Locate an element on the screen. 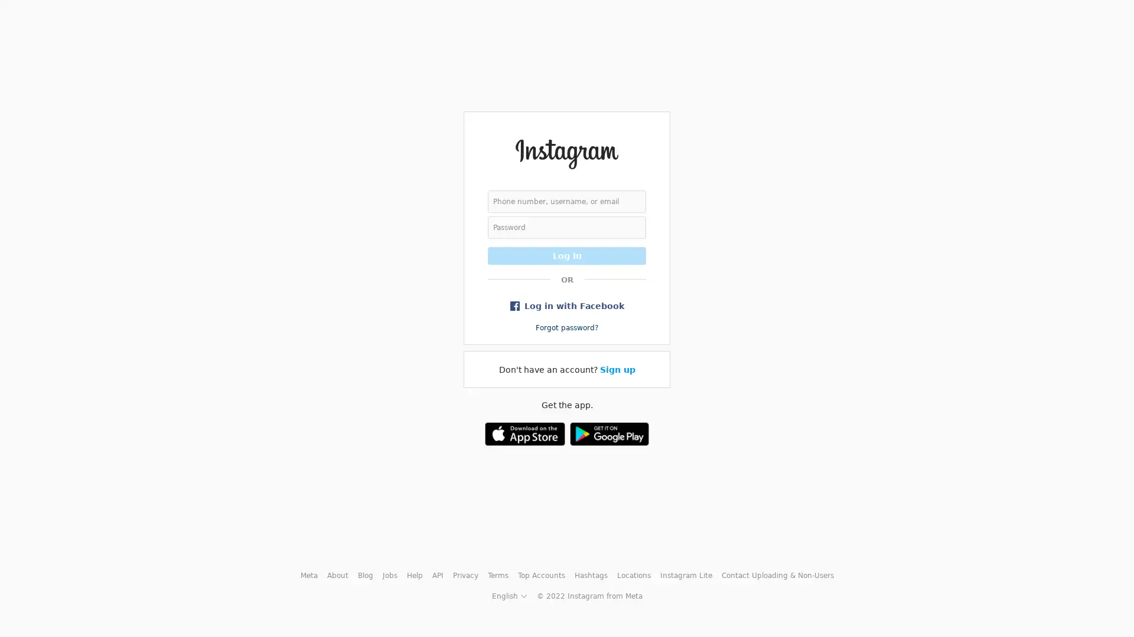 The height and width of the screenshot is (637, 1134). Instagram is located at coordinates (566, 153).